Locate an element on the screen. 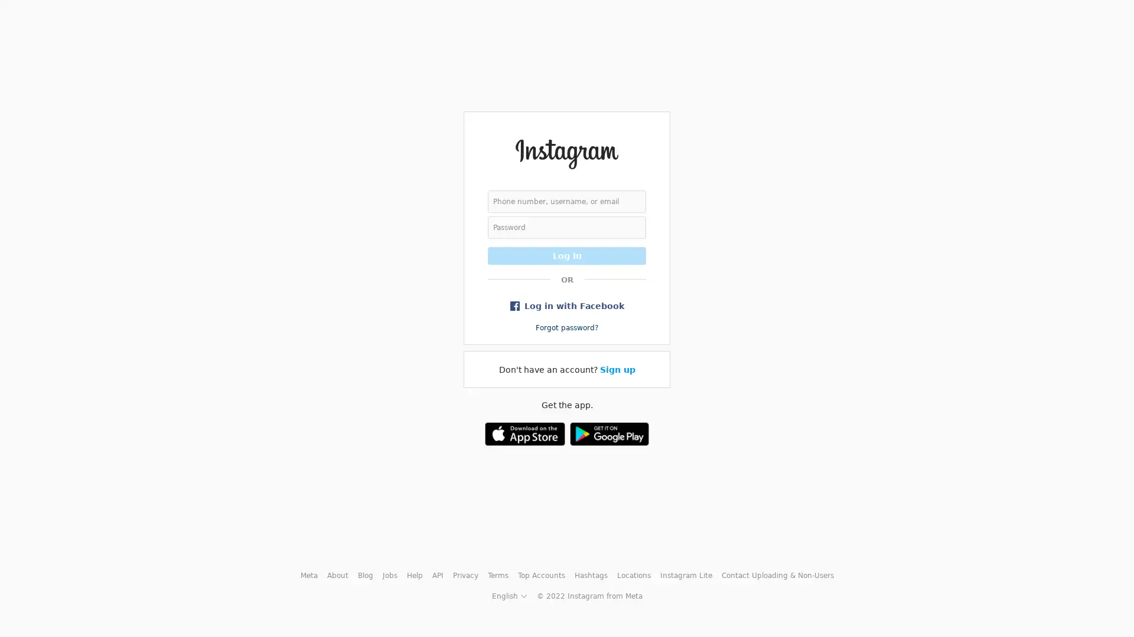 The height and width of the screenshot is (637, 1134). Instagram is located at coordinates (566, 153).